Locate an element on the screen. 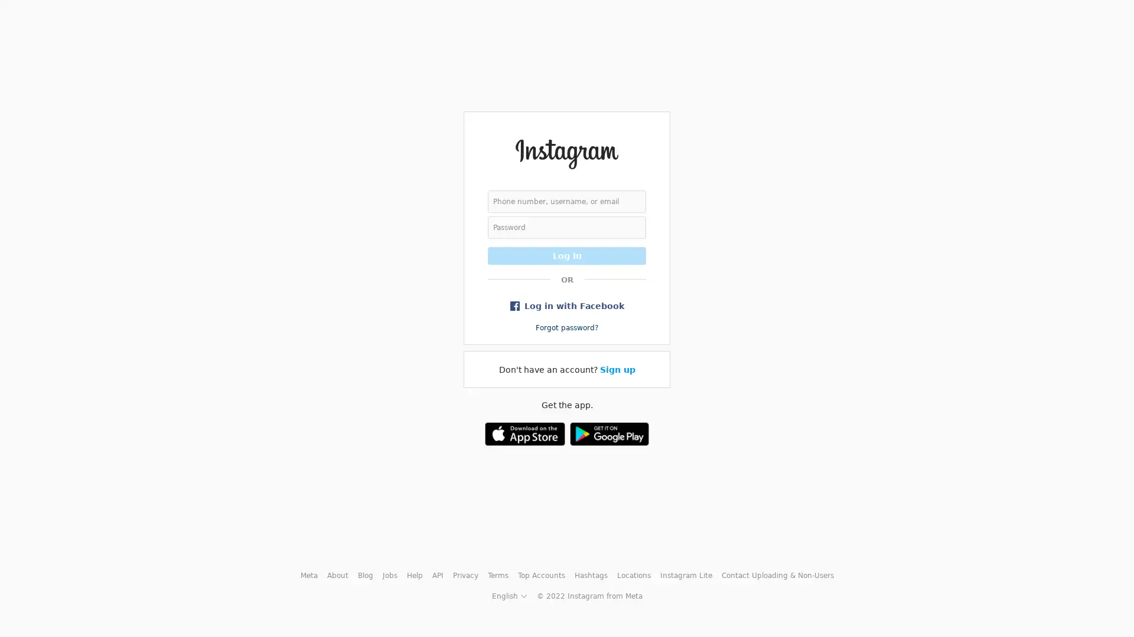 The height and width of the screenshot is (637, 1134). Instagram is located at coordinates (566, 153).